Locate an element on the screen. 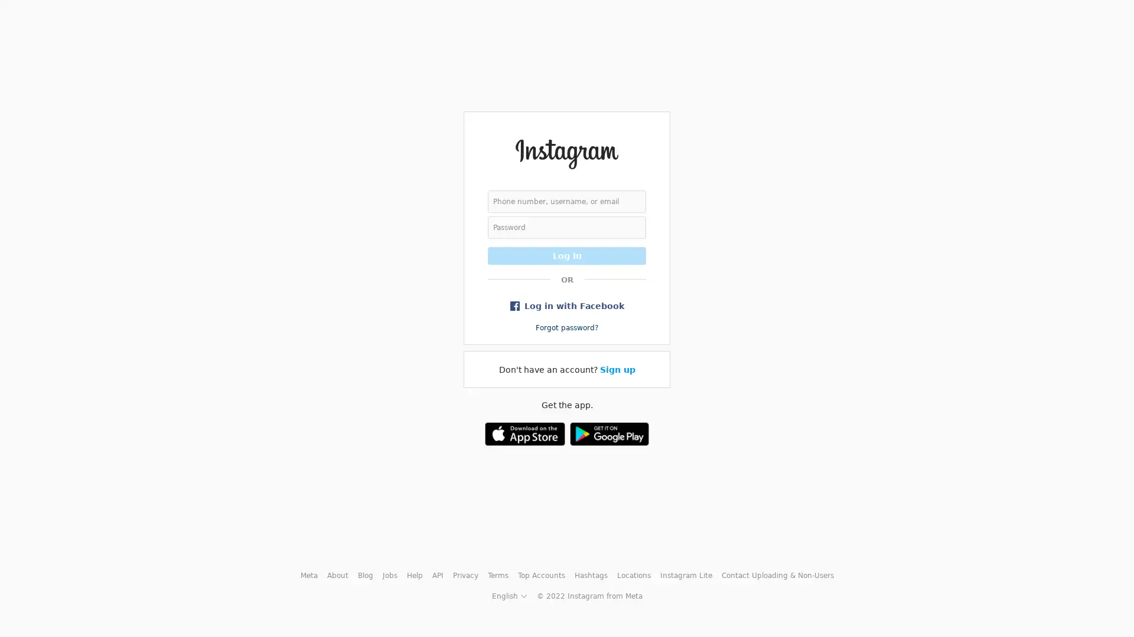 The height and width of the screenshot is (637, 1134). Instagram is located at coordinates (566, 153).